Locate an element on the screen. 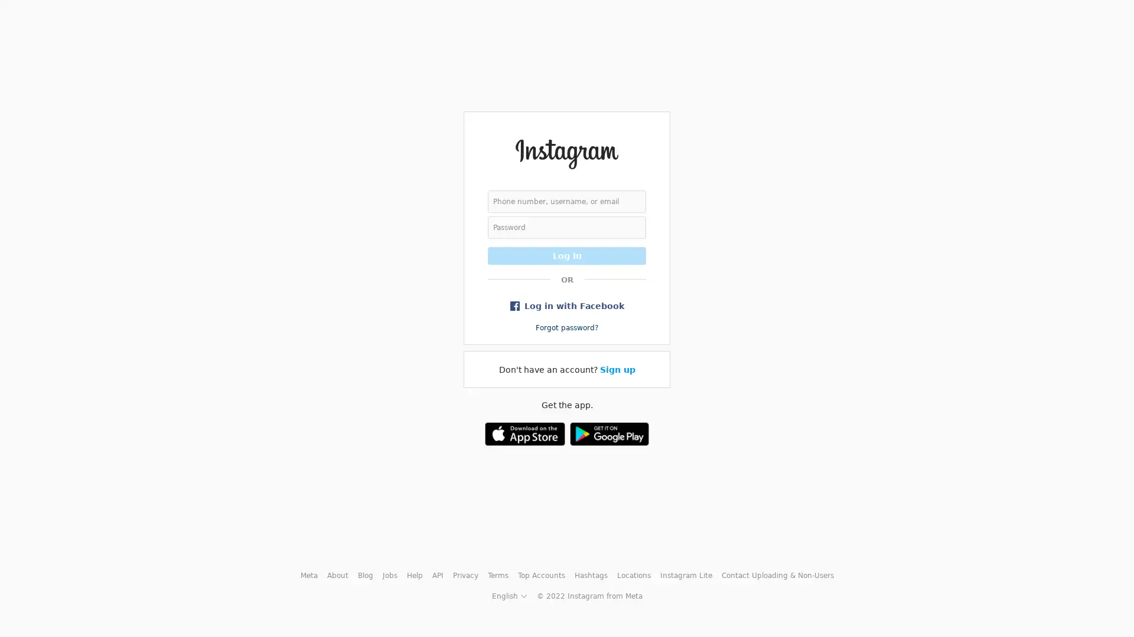 The height and width of the screenshot is (637, 1134). Instagram is located at coordinates (566, 153).